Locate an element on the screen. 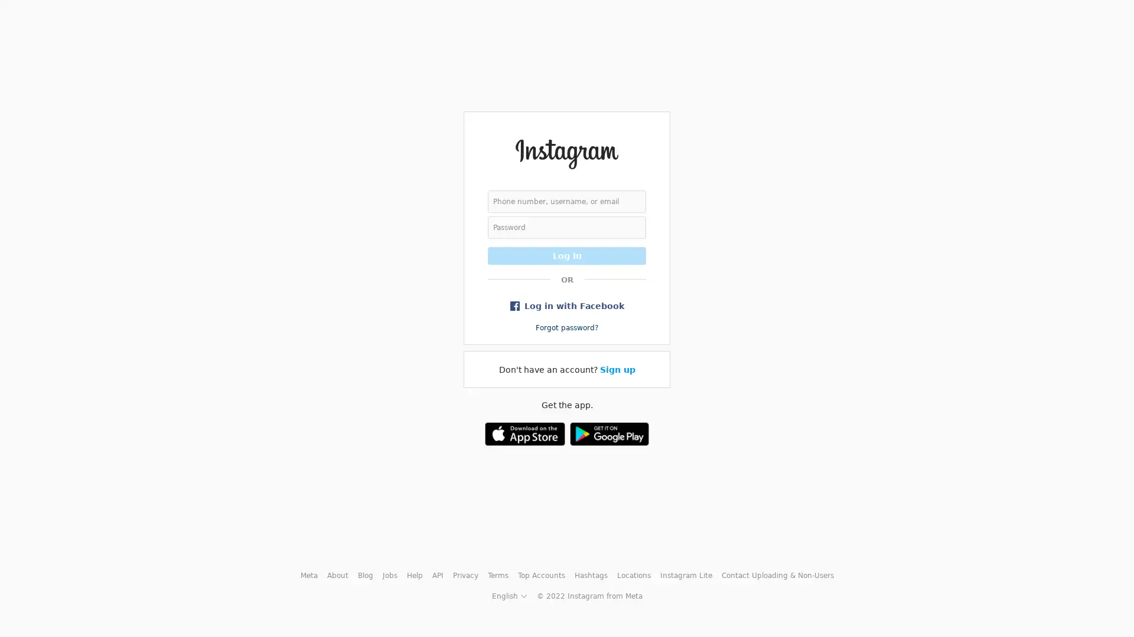 The height and width of the screenshot is (637, 1134). Instagram is located at coordinates (566, 153).